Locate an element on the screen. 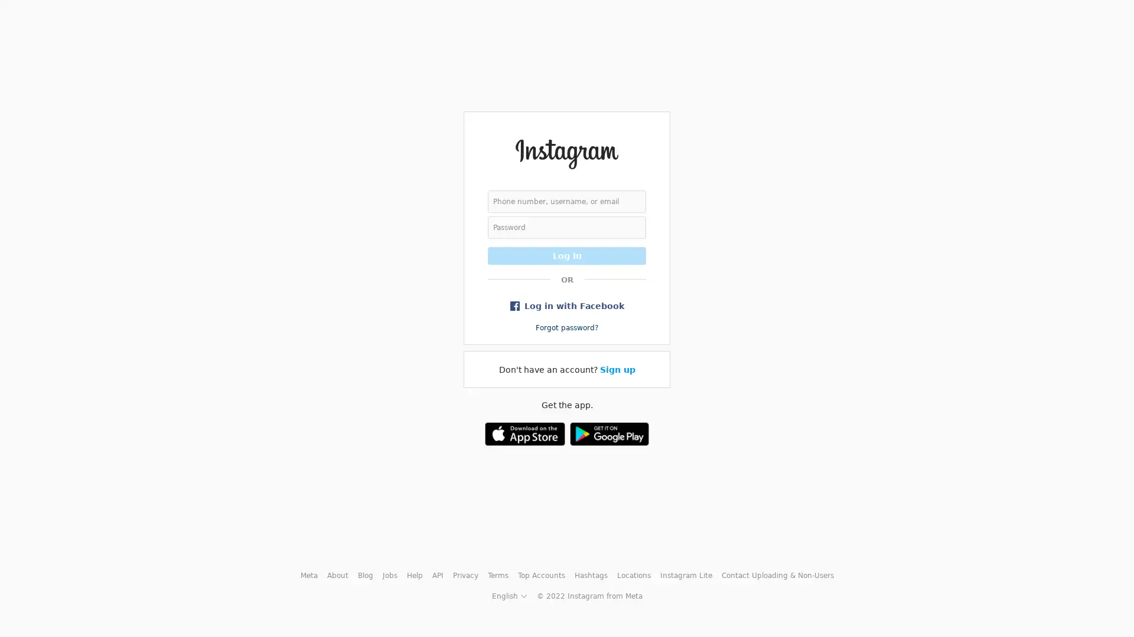 The height and width of the screenshot is (637, 1134). Instagram is located at coordinates (566, 153).